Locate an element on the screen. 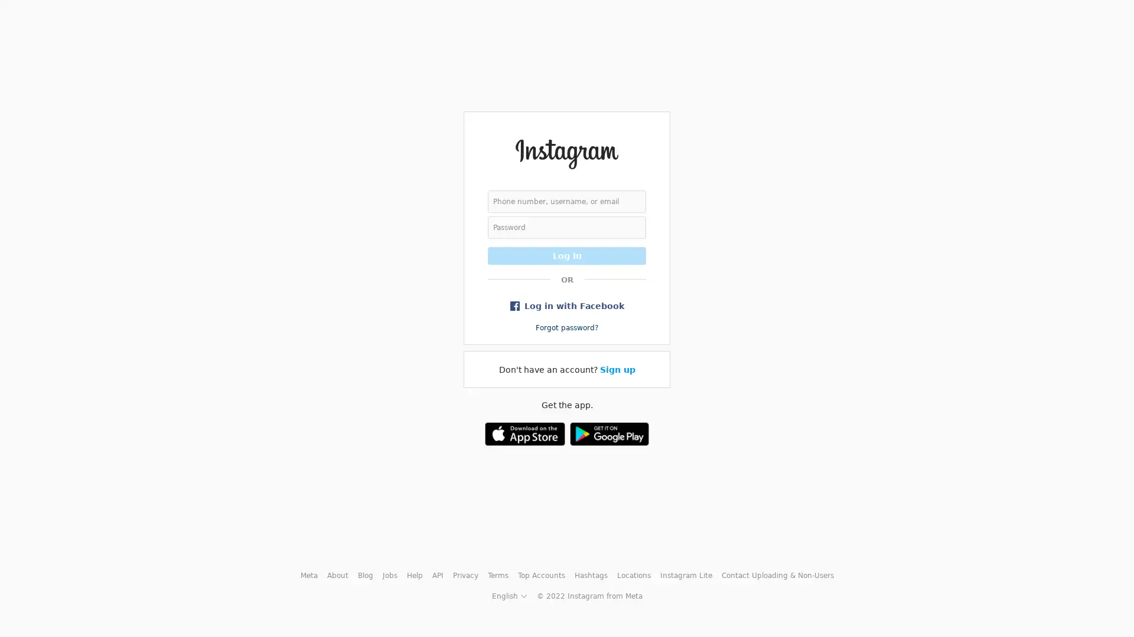 The height and width of the screenshot is (637, 1134). Instagram is located at coordinates (566, 153).